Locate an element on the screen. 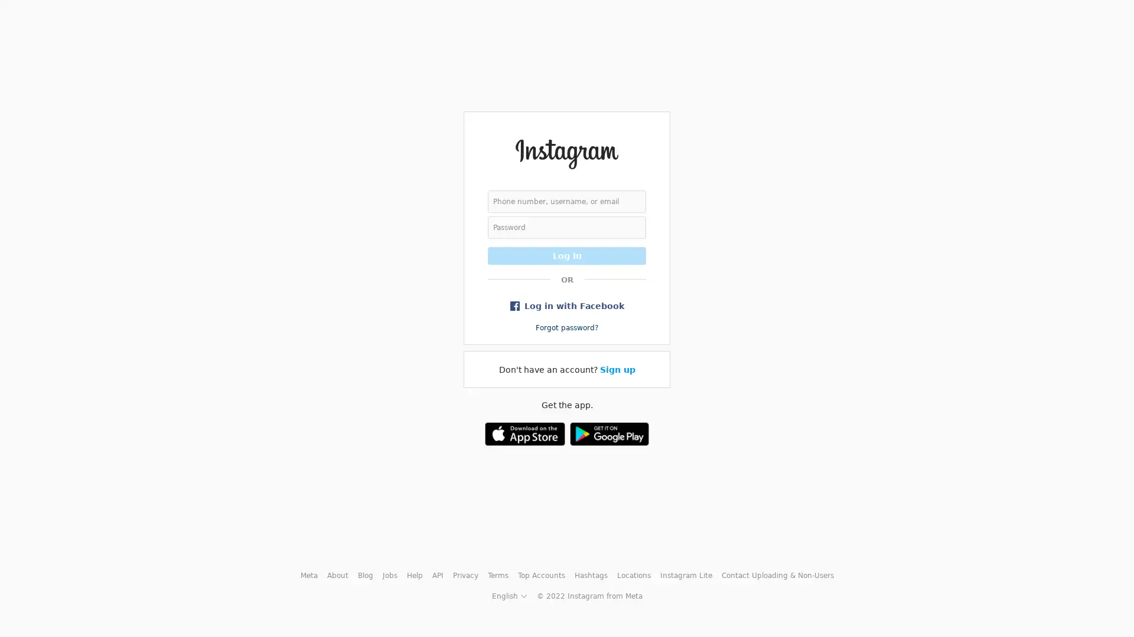 The height and width of the screenshot is (637, 1134). Instagram is located at coordinates (566, 153).